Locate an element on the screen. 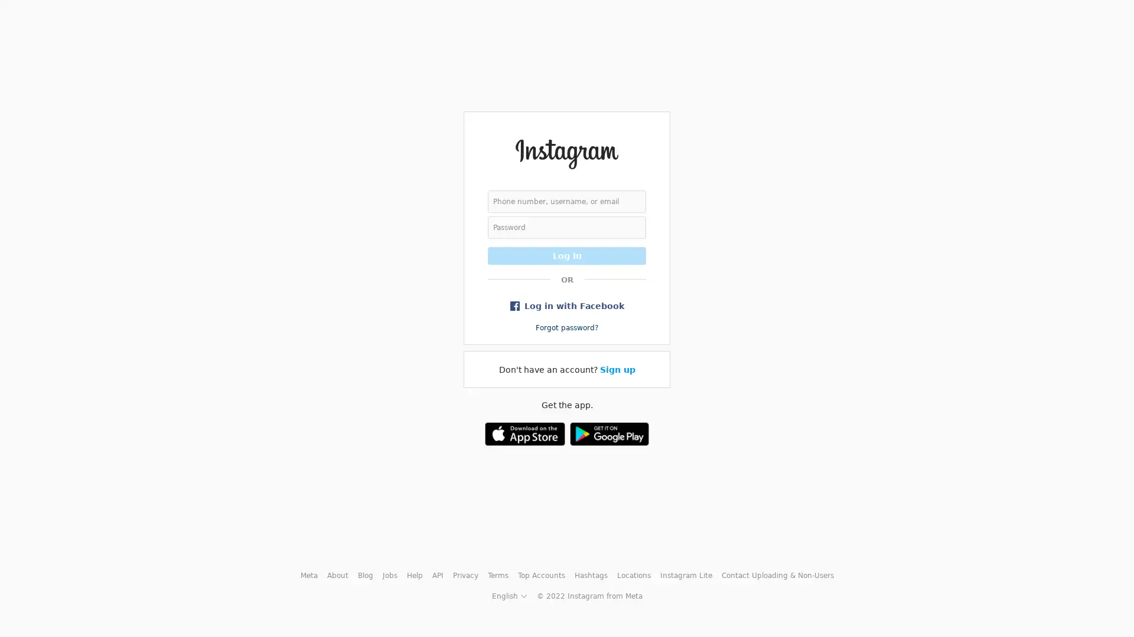 The height and width of the screenshot is (637, 1134). Instagram is located at coordinates (566, 153).